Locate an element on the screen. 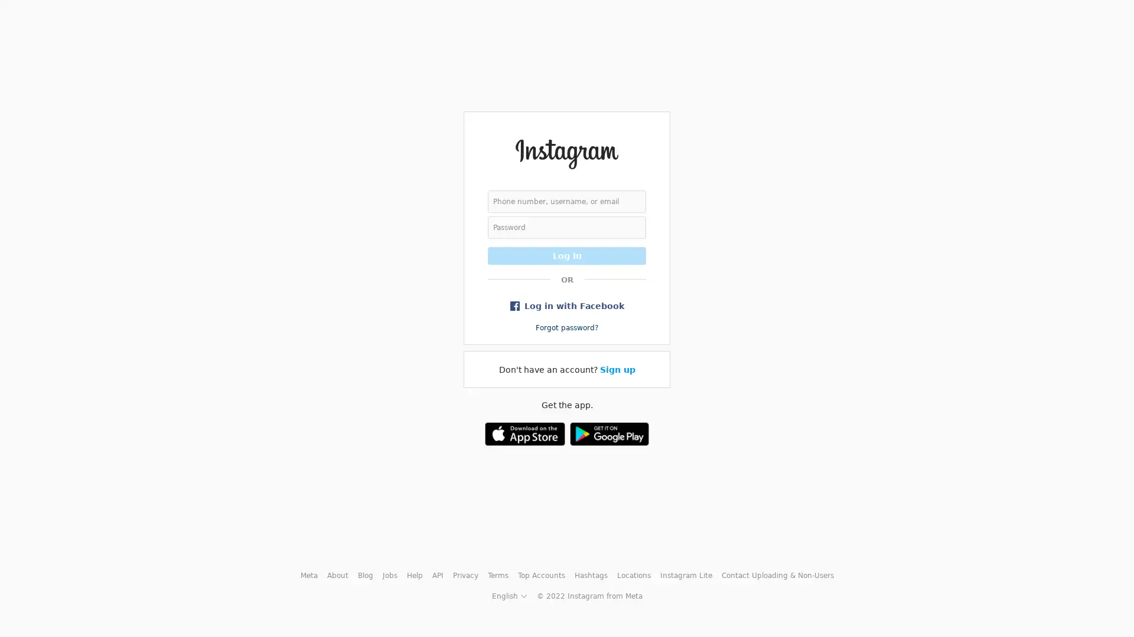 The height and width of the screenshot is (637, 1134). Instagram is located at coordinates (566, 153).